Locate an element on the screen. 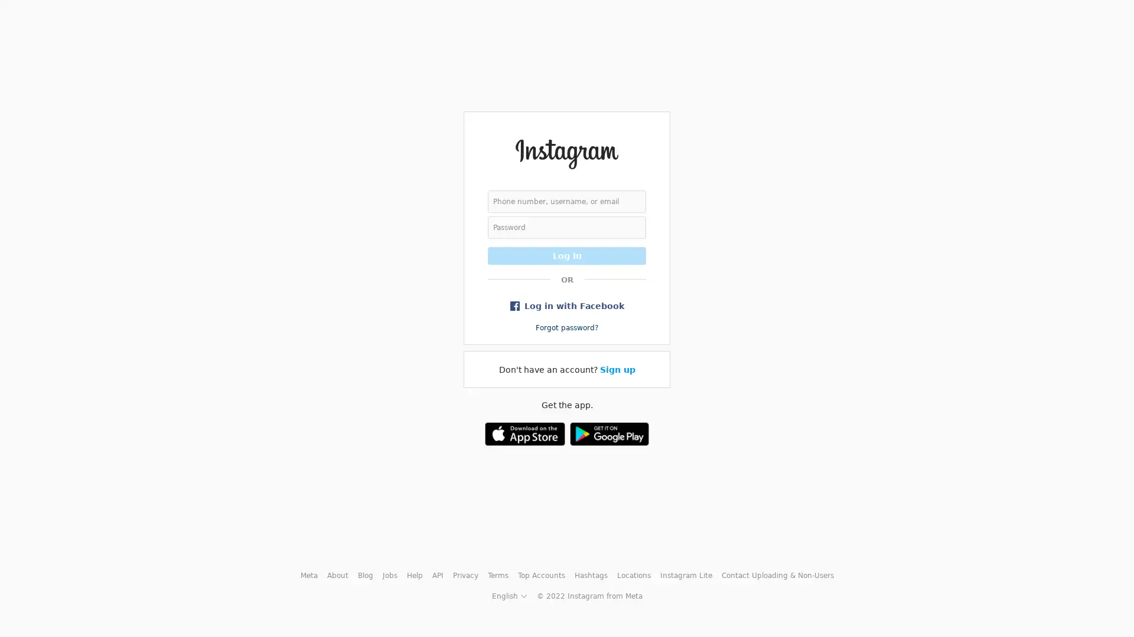 The height and width of the screenshot is (637, 1134). Instagram is located at coordinates (566, 153).